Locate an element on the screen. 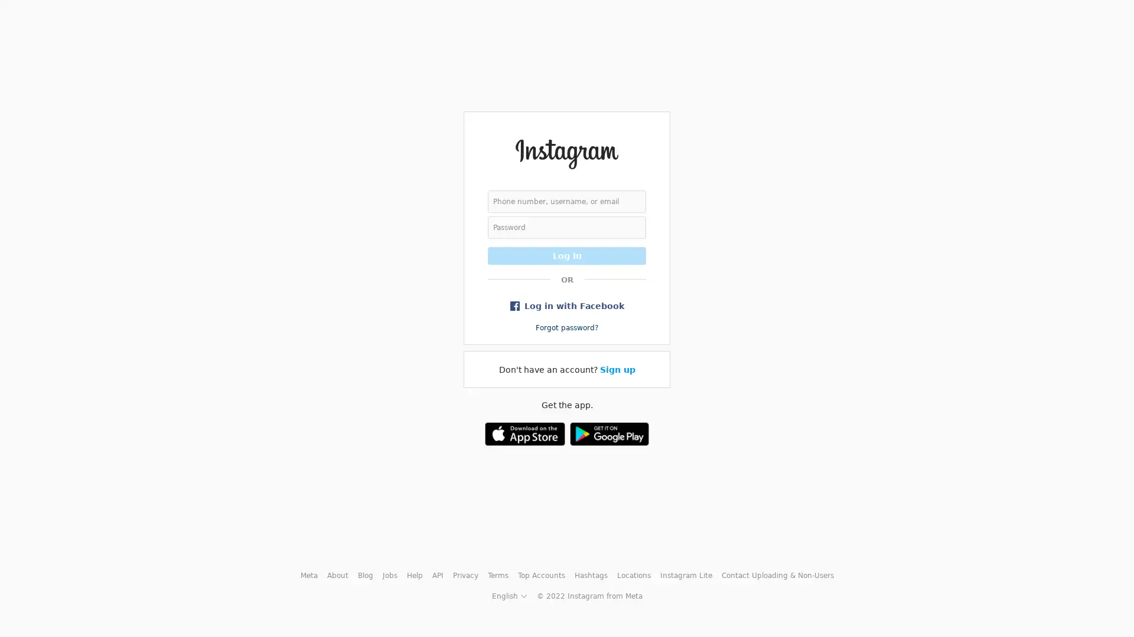 The height and width of the screenshot is (637, 1134). Instagram is located at coordinates (566, 153).